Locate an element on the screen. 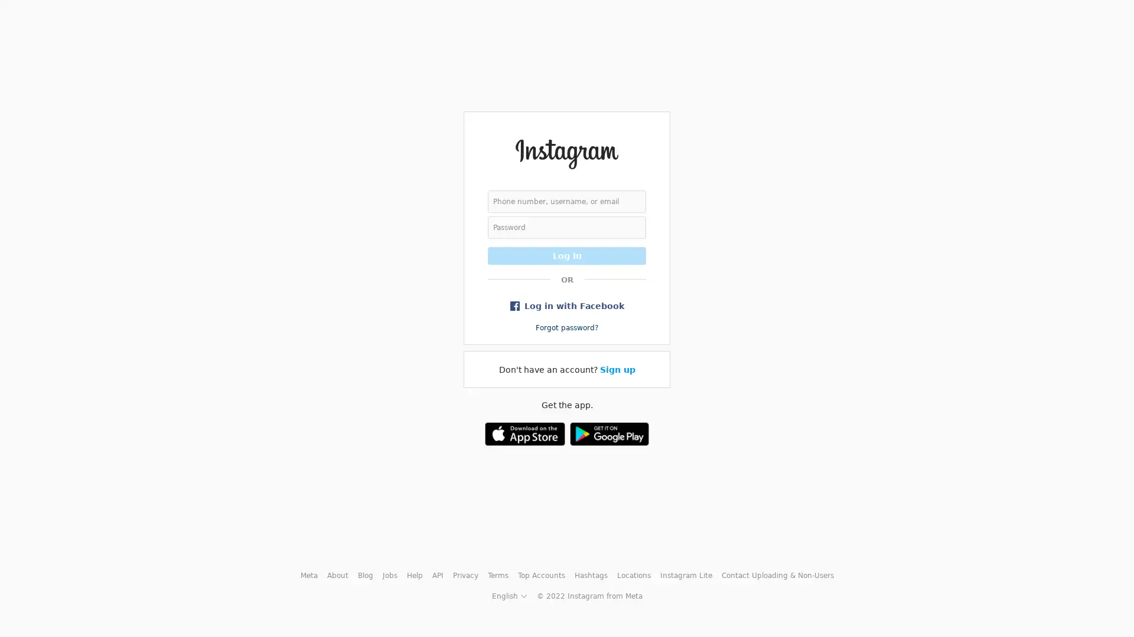 The height and width of the screenshot is (637, 1134). Instagram is located at coordinates (566, 153).